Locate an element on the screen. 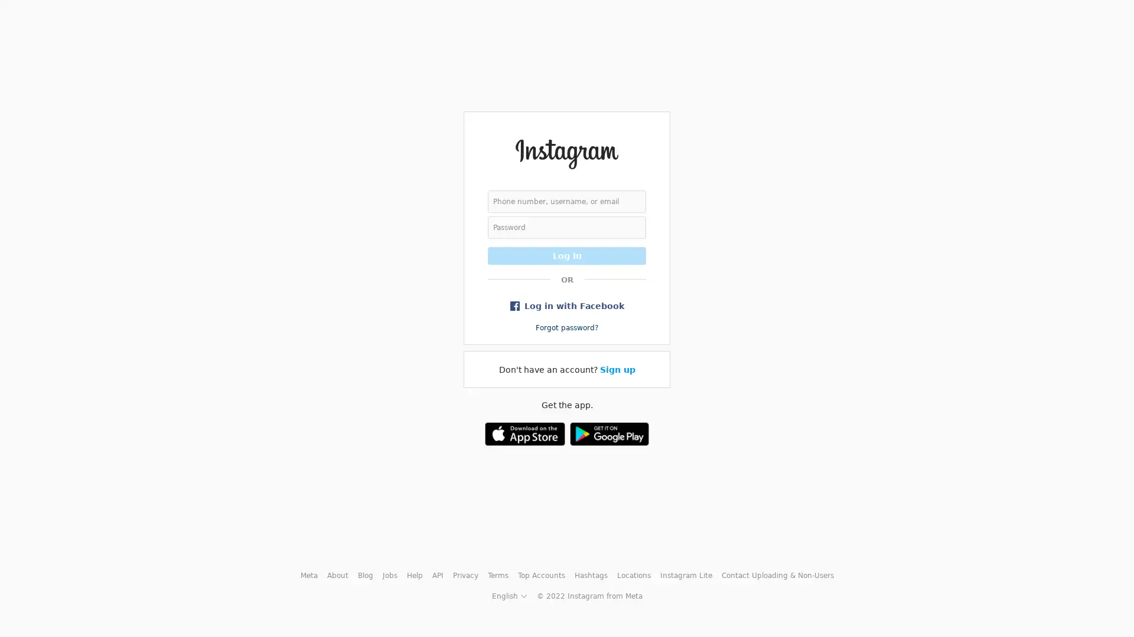 The height and width of the screenshot is (637, 1134). Instagram is located at coordinates (566, 153).